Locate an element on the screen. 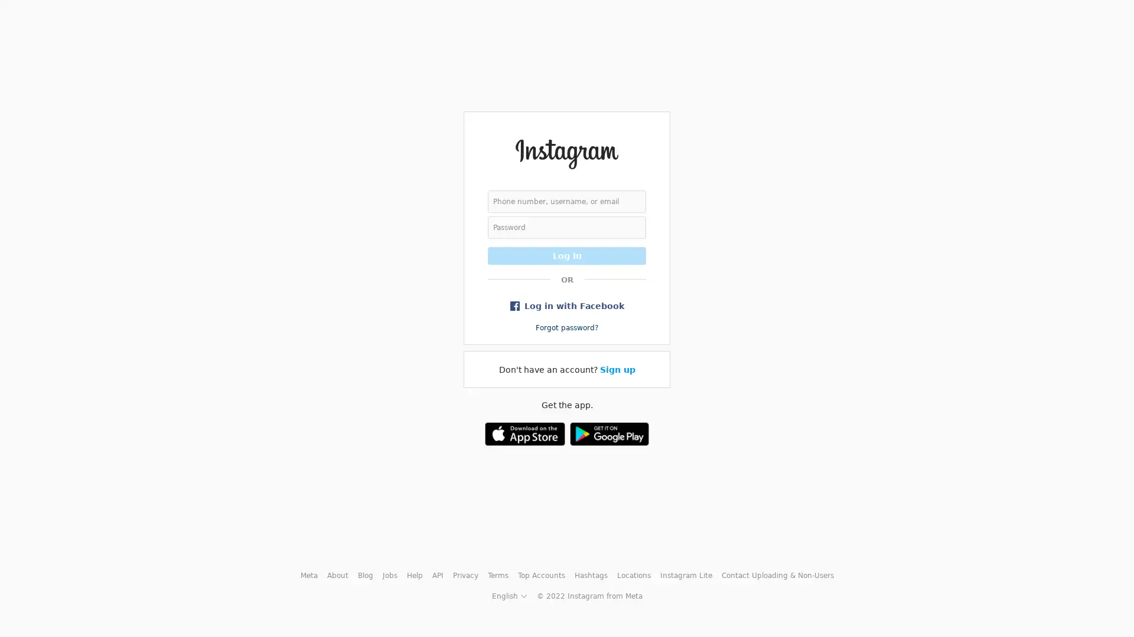 The height and width of the screenshot is (637, 1134). Instagram is located at coordinates (566, 153).